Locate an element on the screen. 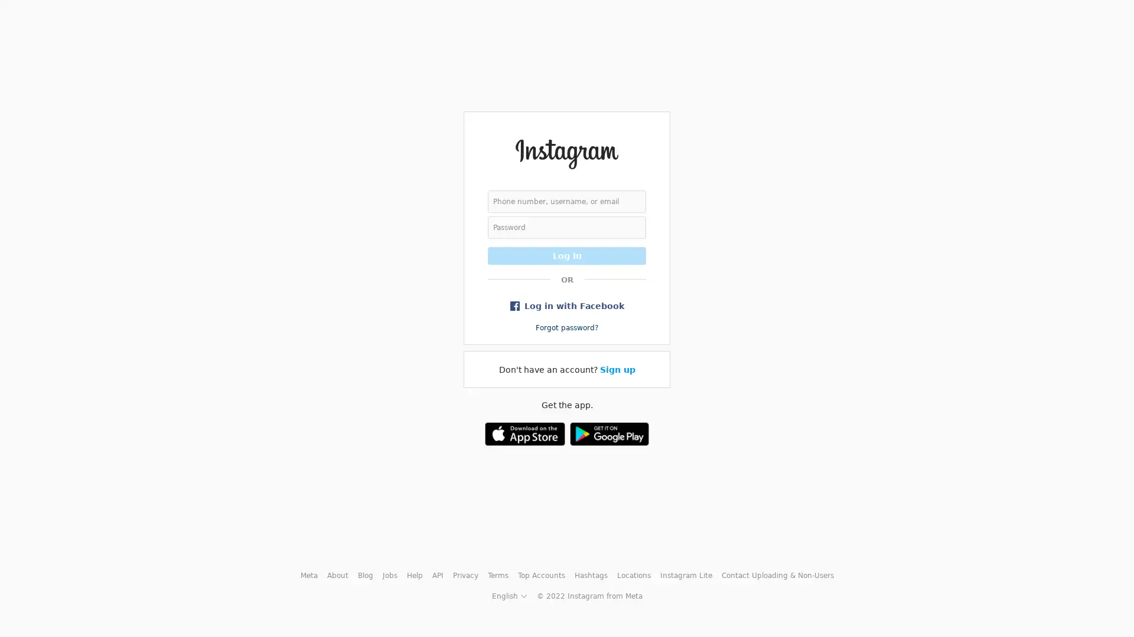 The height and width of the screenshot is (637, 1134). Instagram is located at coordinates (566, 153).